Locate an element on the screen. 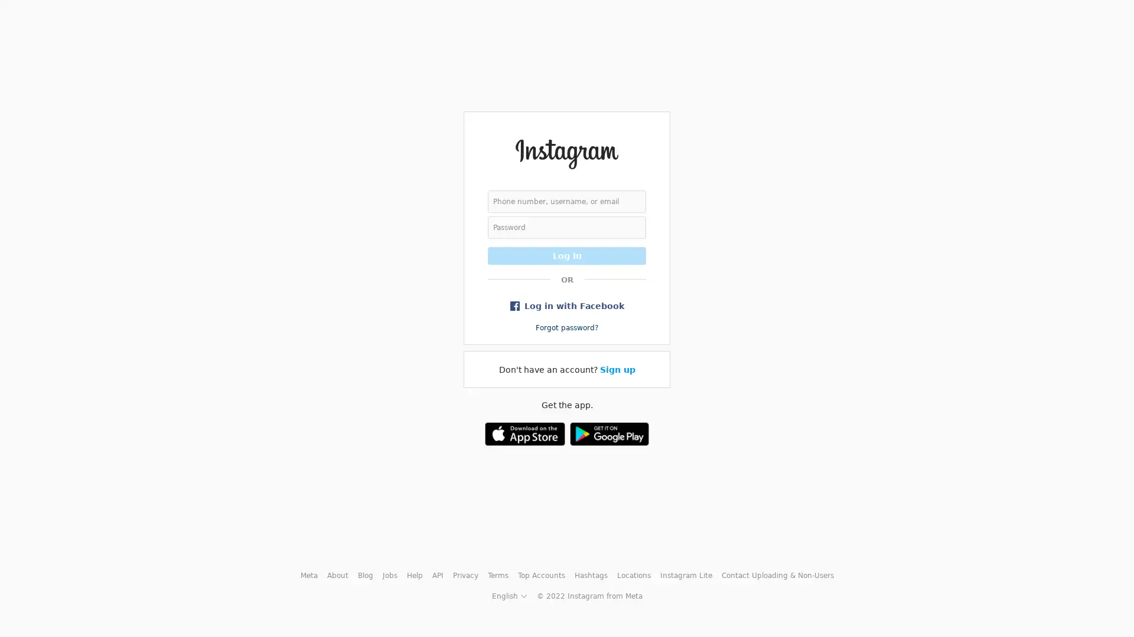 The height and width of the screenshot is (637, 1134). Instagram is located at coordinates (566, 153).